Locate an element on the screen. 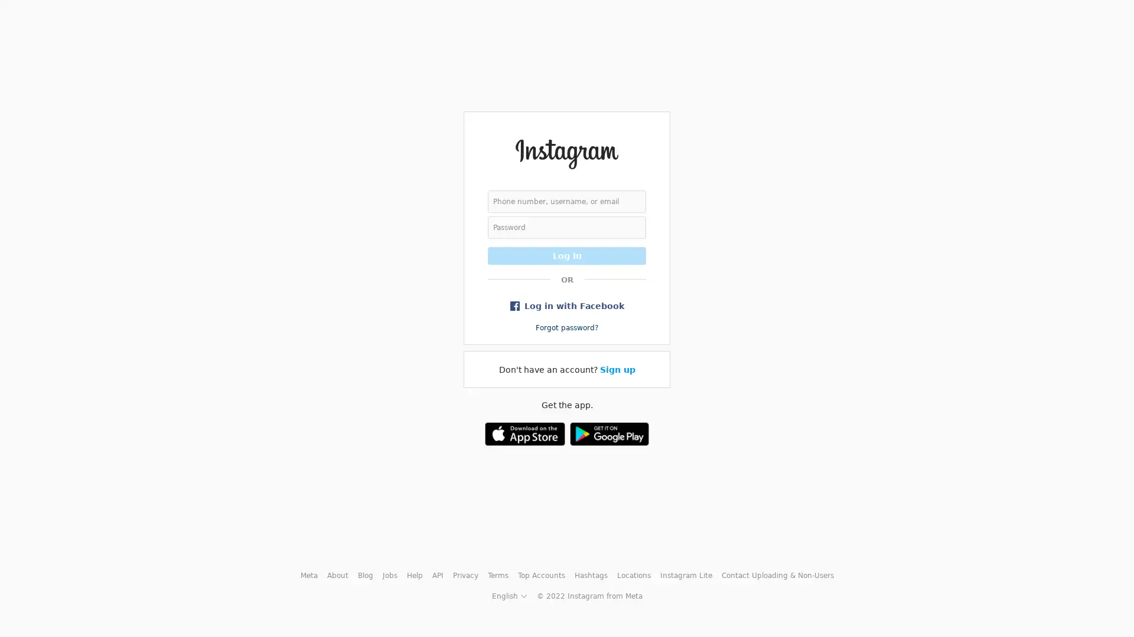 The height and width of the screenshot is (637, 1134). Instagram is located at coordinates (566, 153).